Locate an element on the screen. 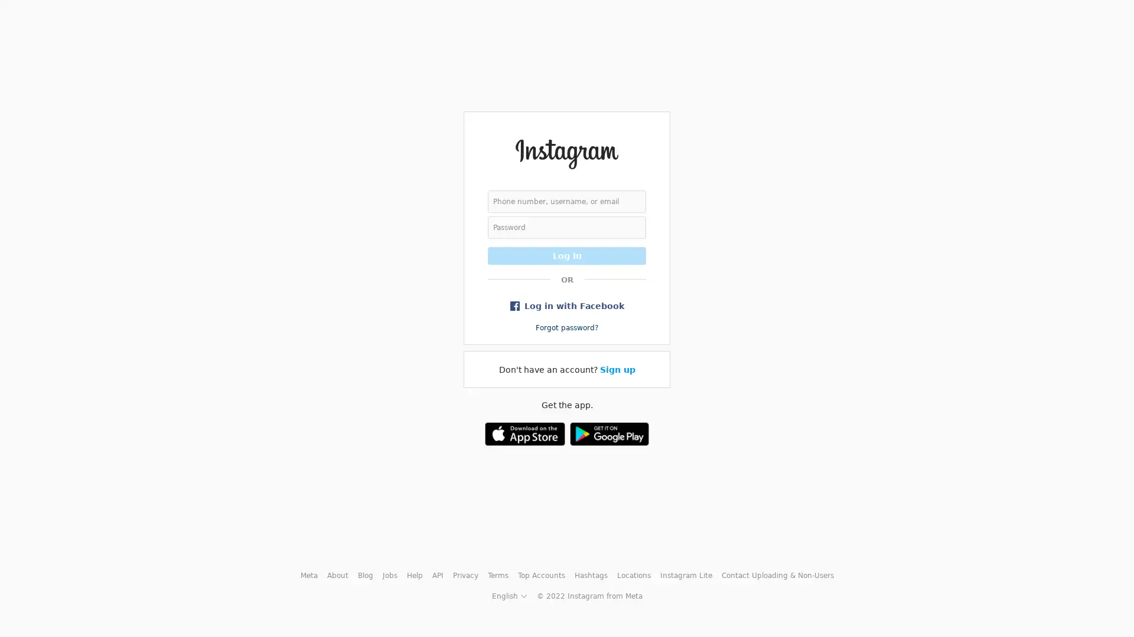 The height and width of the screenshot is (637, 1134). Instagram is located at coordinates (566, 153).